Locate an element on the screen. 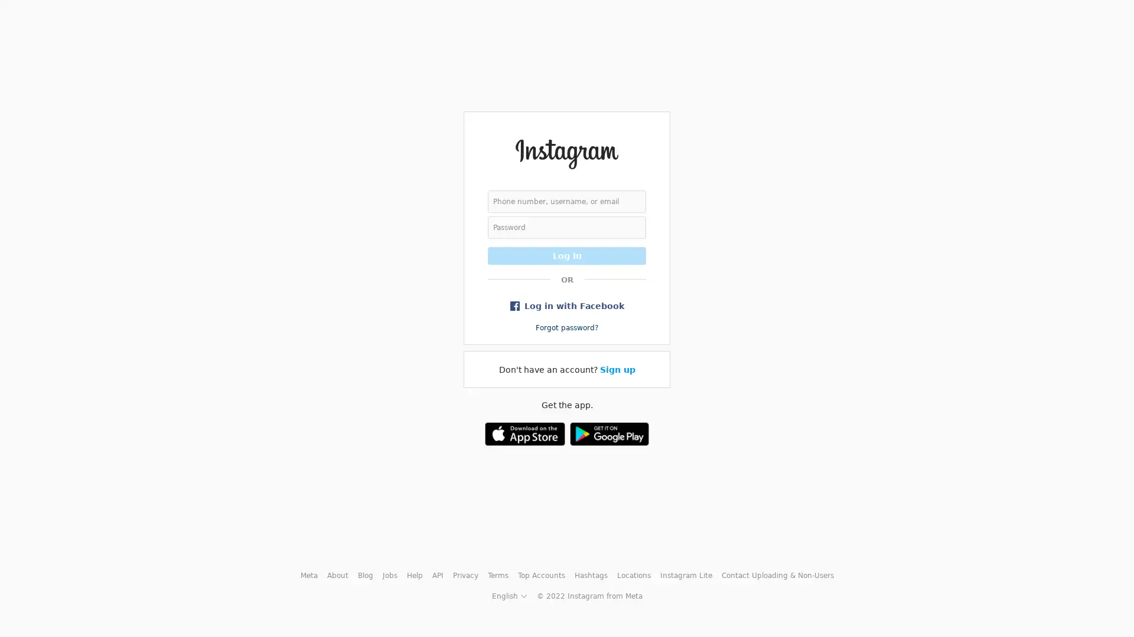 The height and width of the screenshot is (637, 1134). Instagram is located at coordinates (566, 153).